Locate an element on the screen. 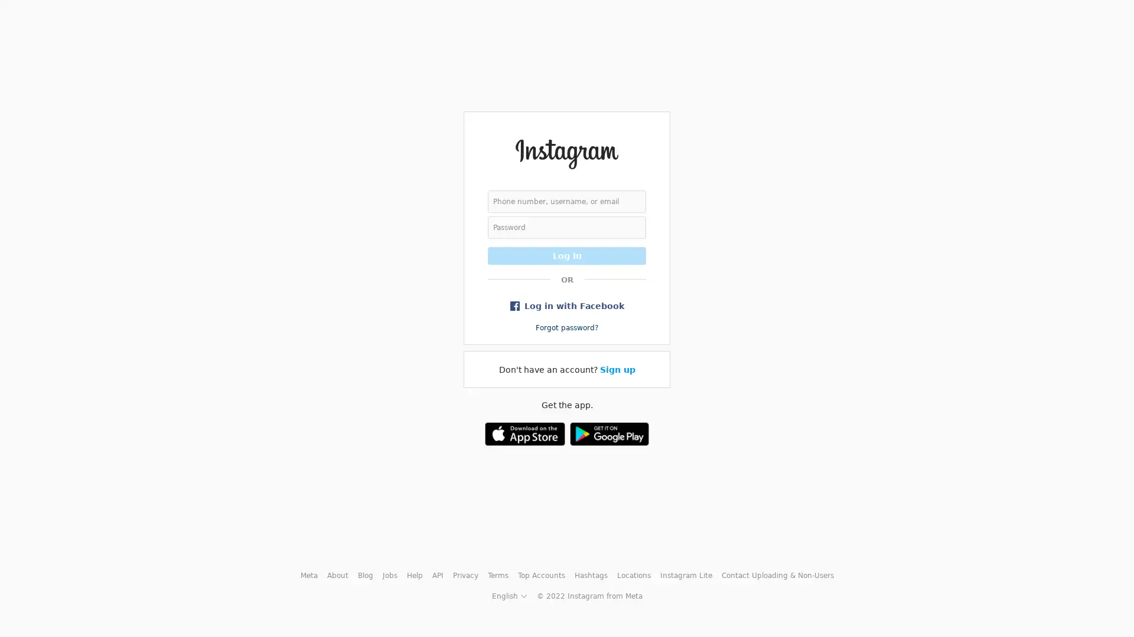 The height and width of the screenshot is (637, 1134). Instagram is located at coordinates (566, 153).